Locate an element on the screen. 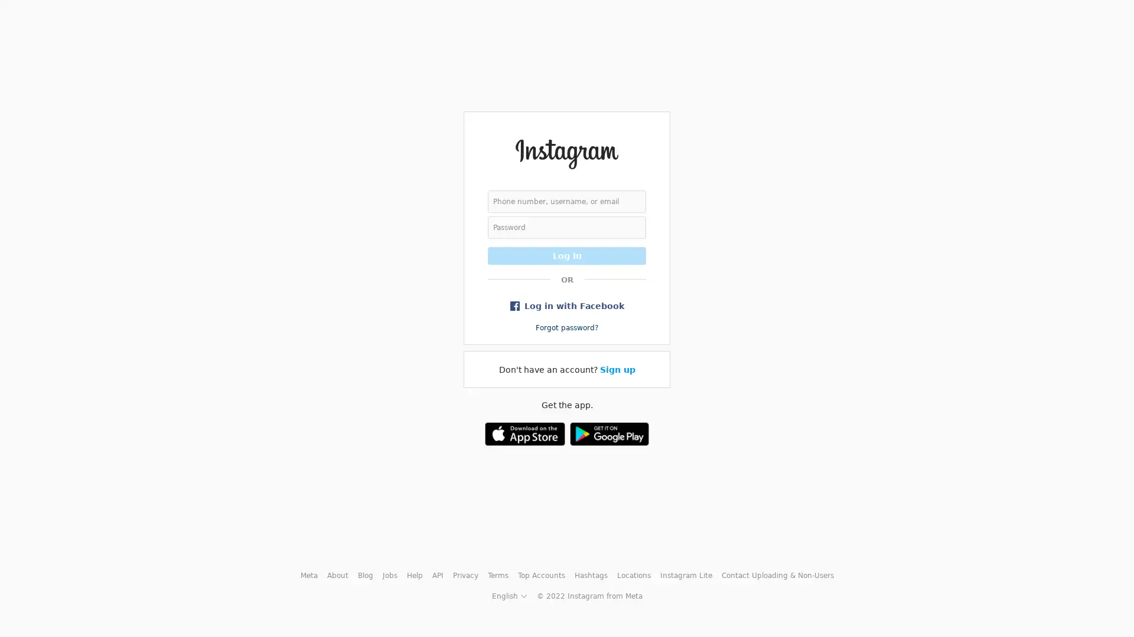 The height and width of the screenshot is (637, 1134). Instagram is located at coordinates (566, 153).